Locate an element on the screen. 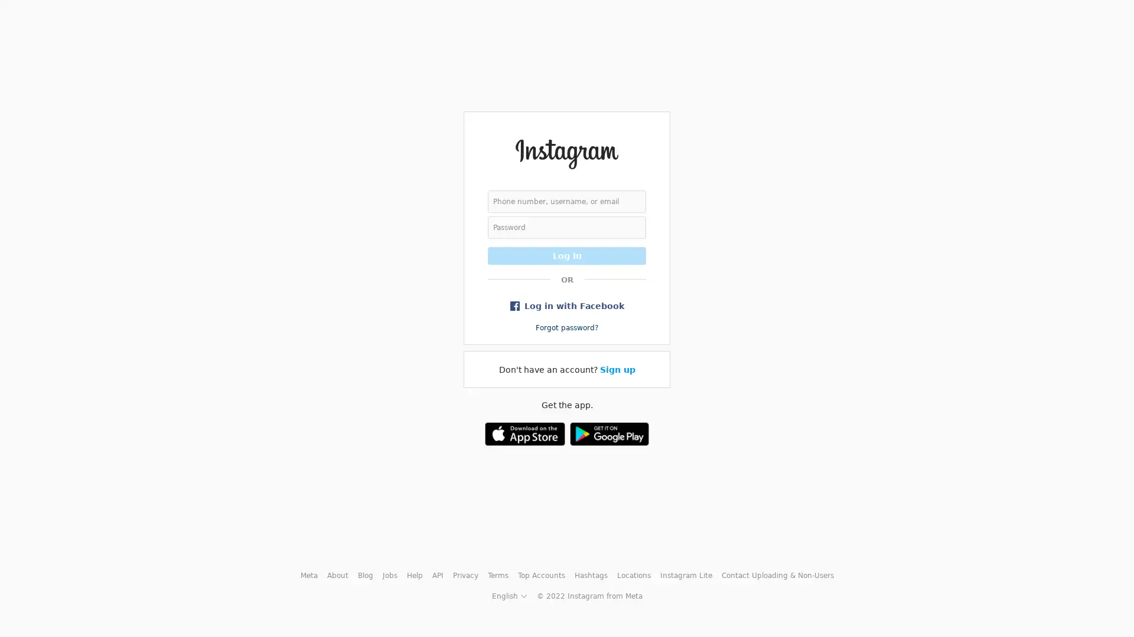 The height and width of the screenshot is (637, 1134). Instagram is located at coordinates (566, 153).